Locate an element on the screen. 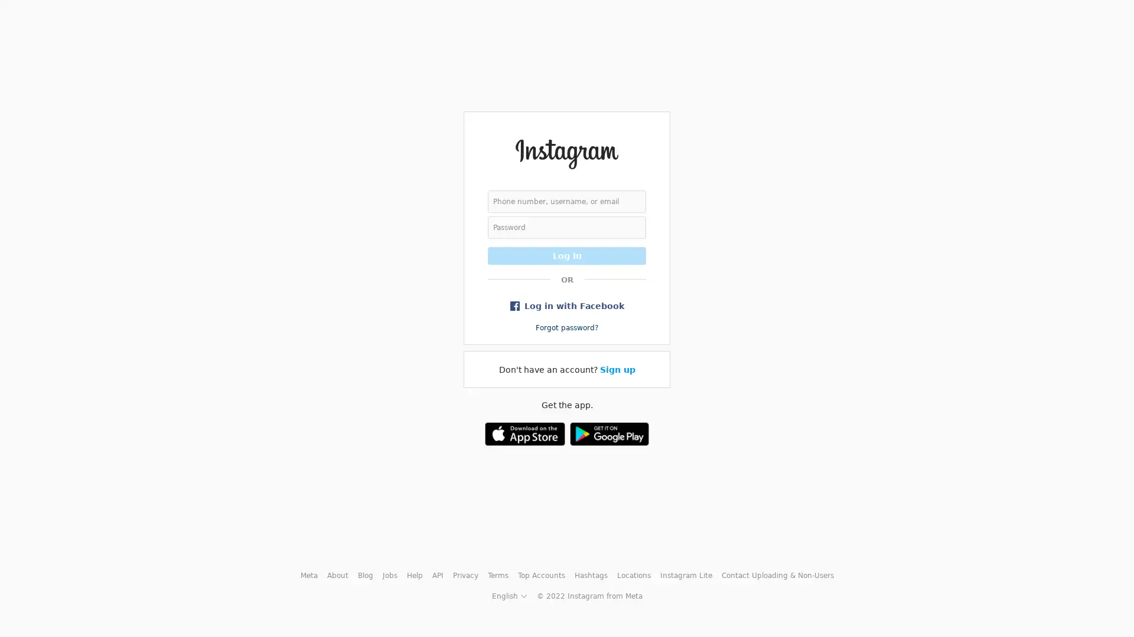 The height and width of the screenshot is (637, 1134). Instagram is located at coordinates (566, 153).